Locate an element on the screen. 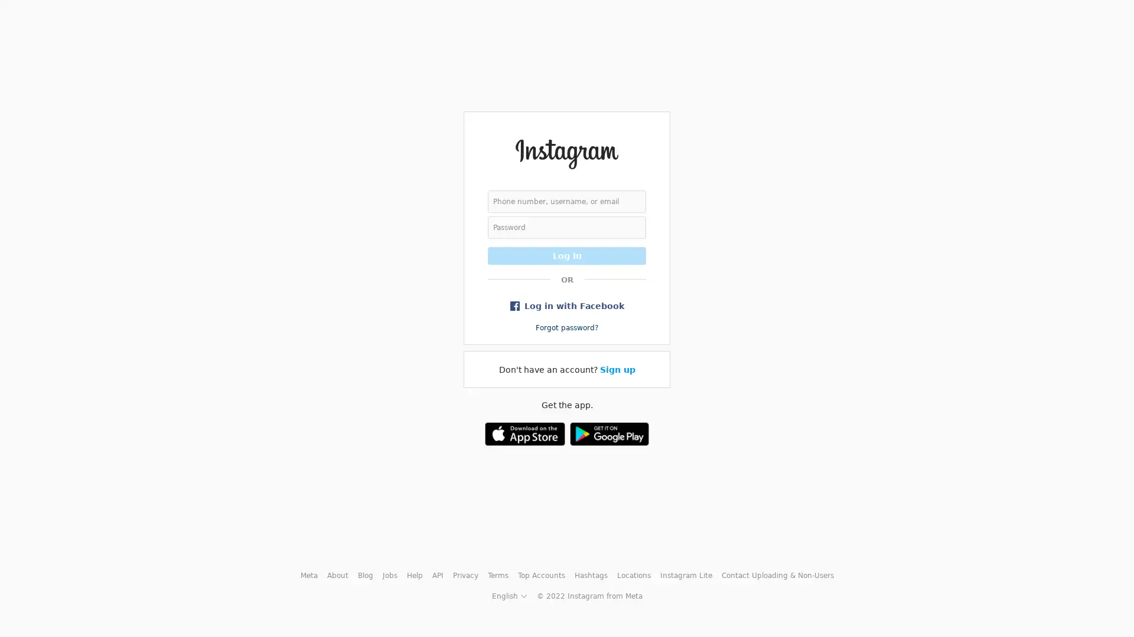 The height and width of the screenshot is (637, 1134). Instagram is located at coordinates (566, 153).